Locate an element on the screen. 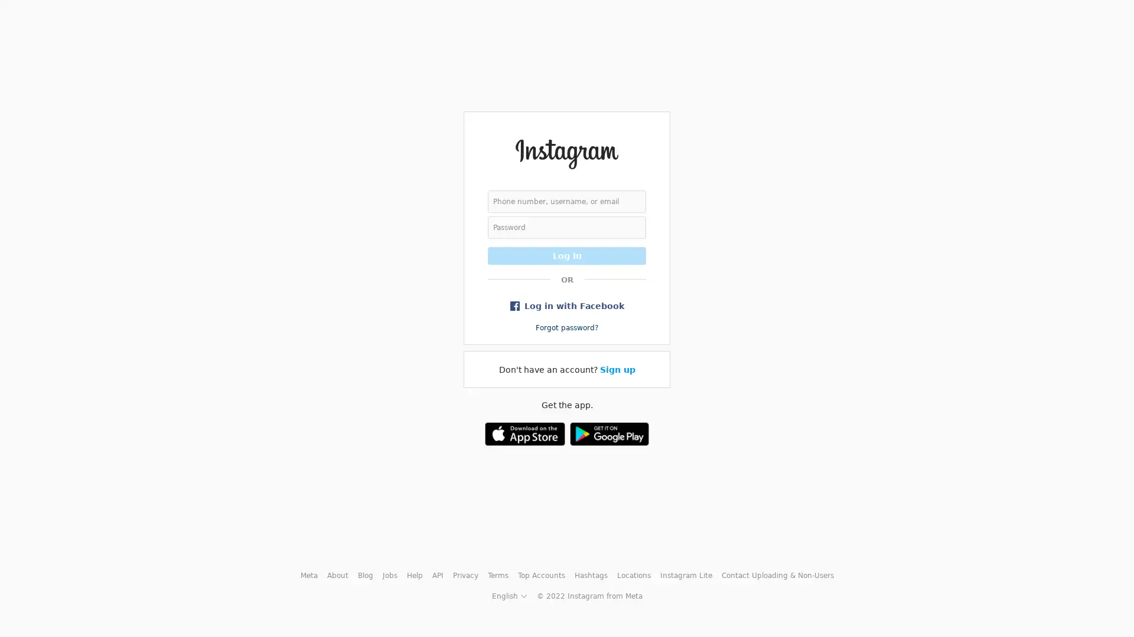 The height and width of the screenshot is (637, 1134). Instagram is located at coordinates (566, 153).